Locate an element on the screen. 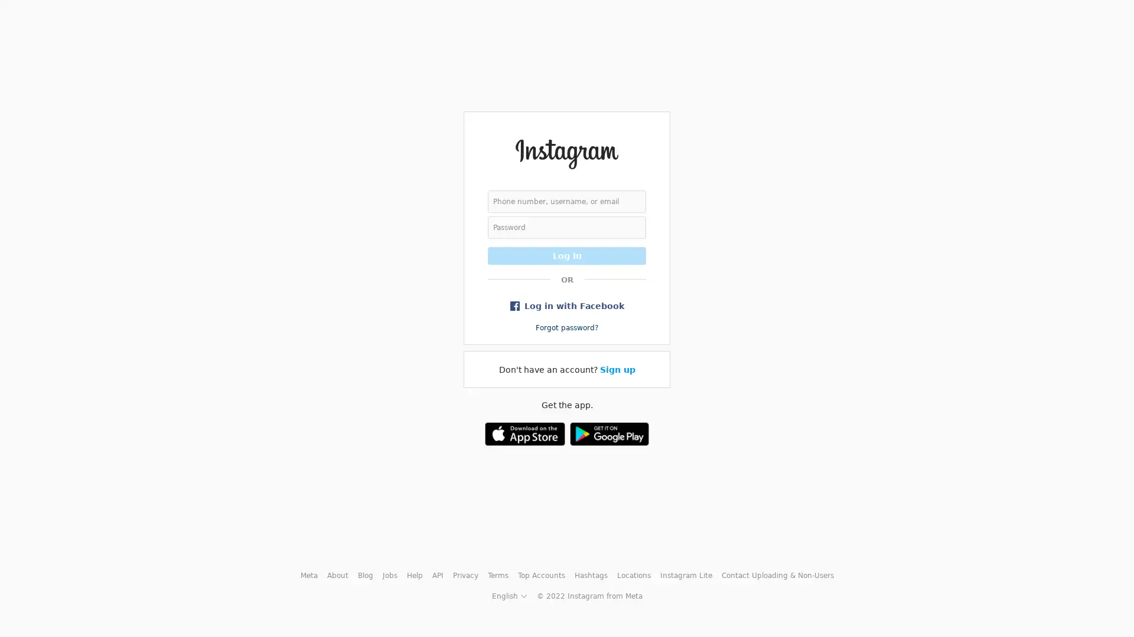 The height and width of the screenshot is (637, 1134). Instagram is located at coordinates (566, 153).